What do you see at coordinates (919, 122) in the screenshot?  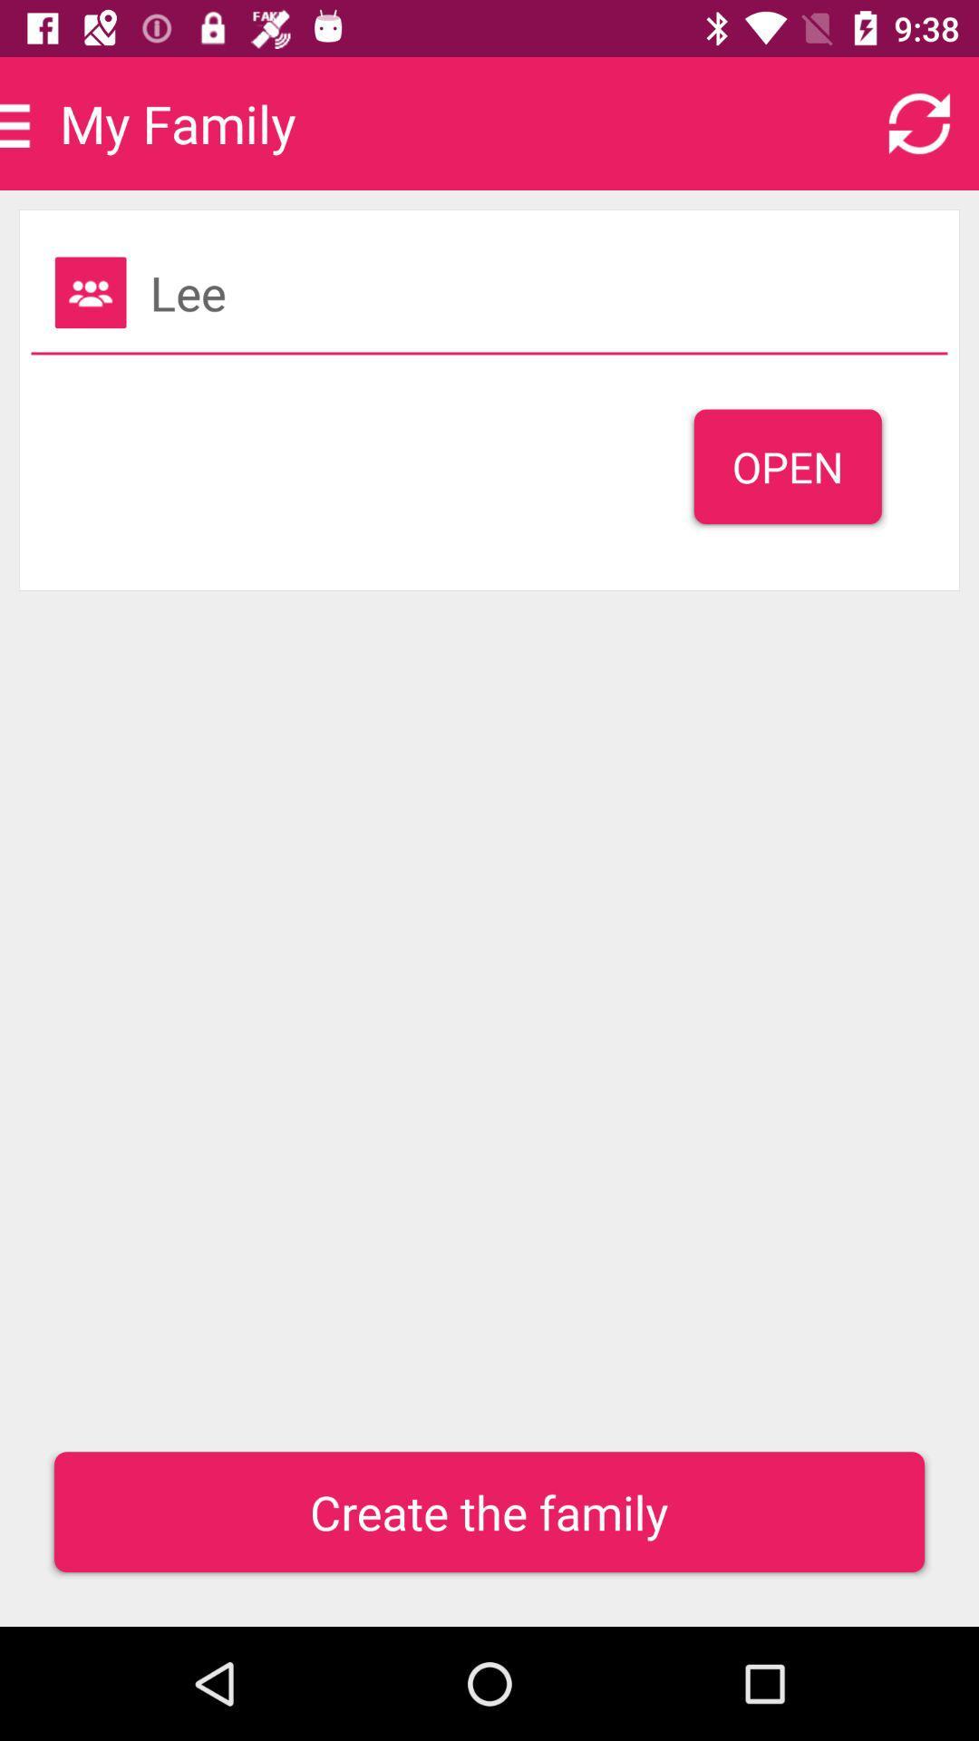 I see `reload` at bounding box center [919, 122].